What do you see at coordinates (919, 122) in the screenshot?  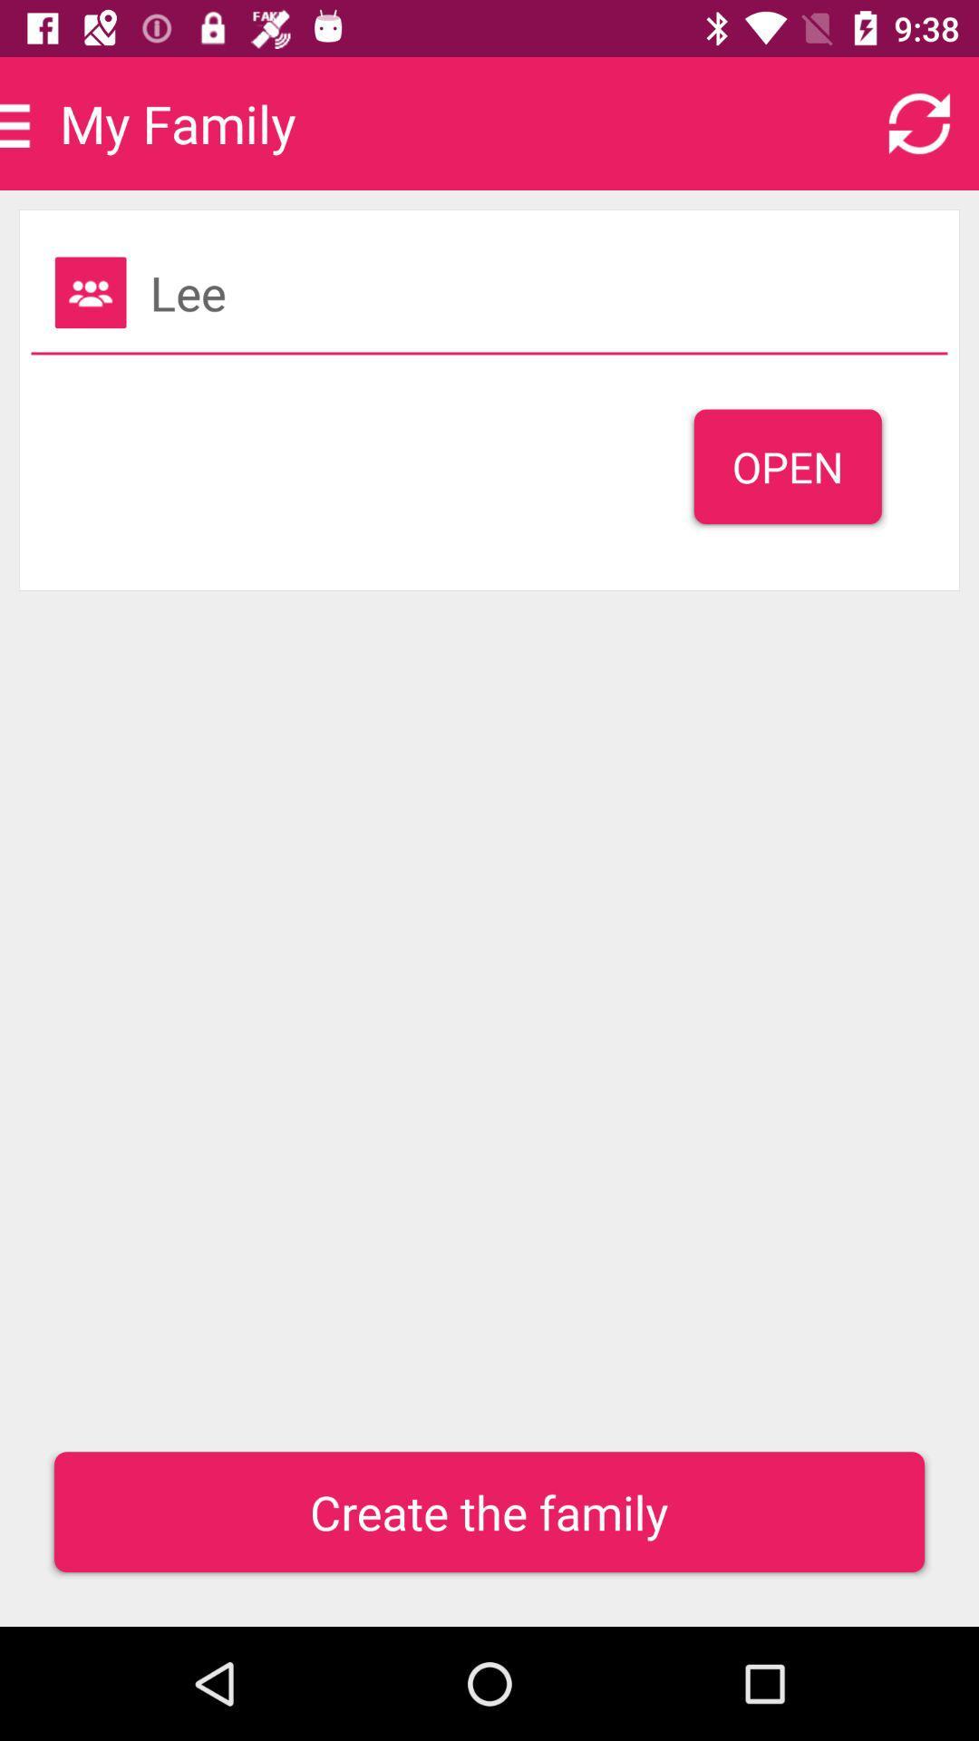 I see `reload` at bounding box center [919, 122].